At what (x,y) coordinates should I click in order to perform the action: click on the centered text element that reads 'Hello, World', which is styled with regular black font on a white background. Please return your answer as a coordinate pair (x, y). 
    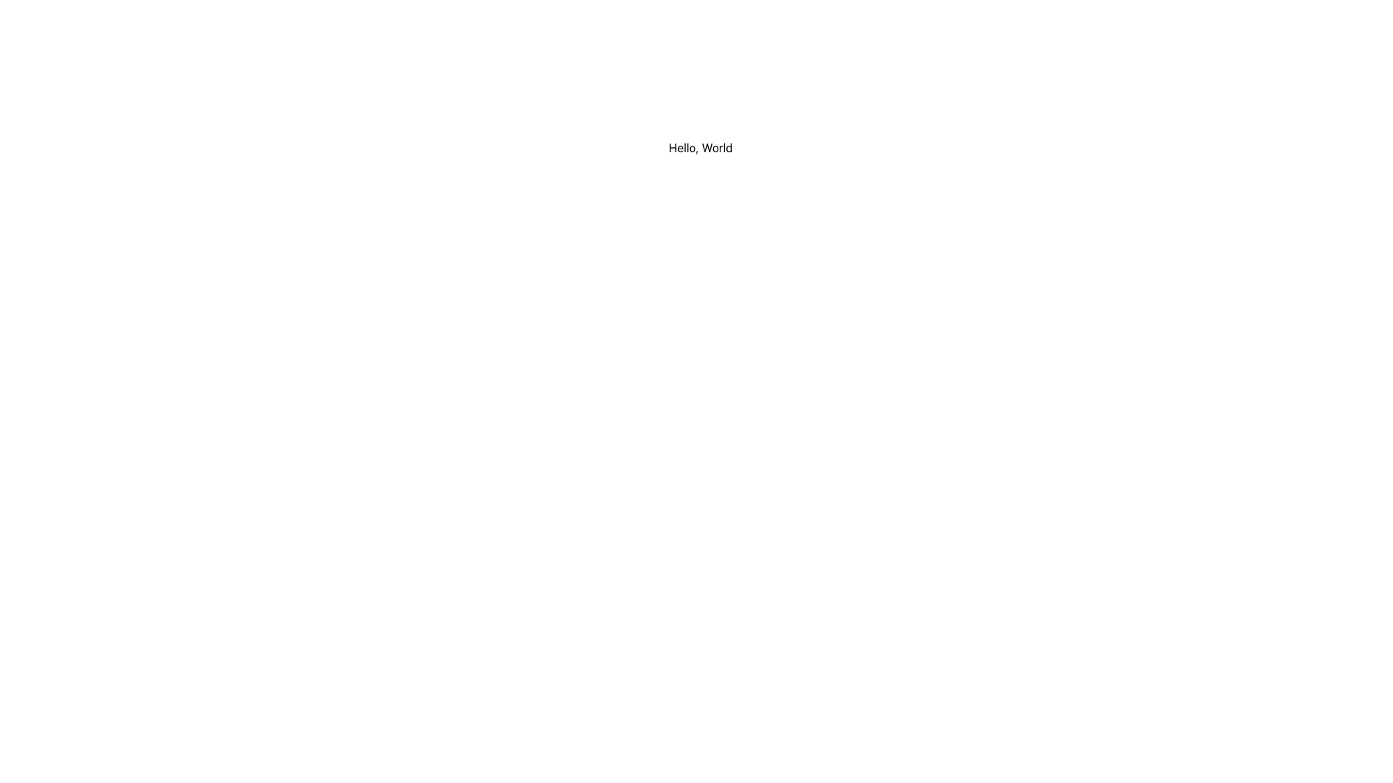
    Looking at the image, I should click on (700, 148).